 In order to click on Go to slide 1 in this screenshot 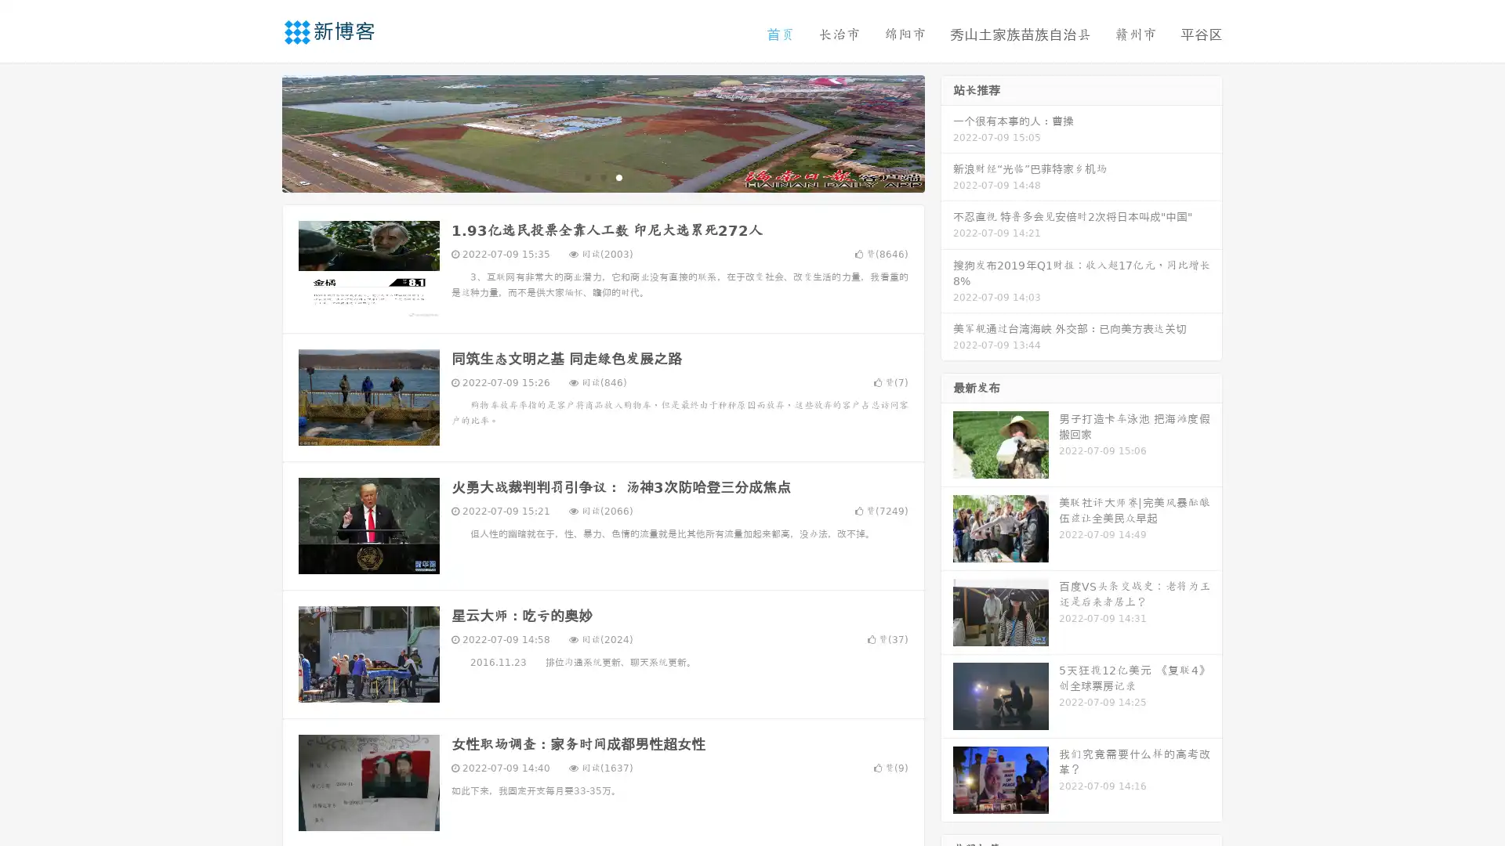, I will do `click(586, 176)`.